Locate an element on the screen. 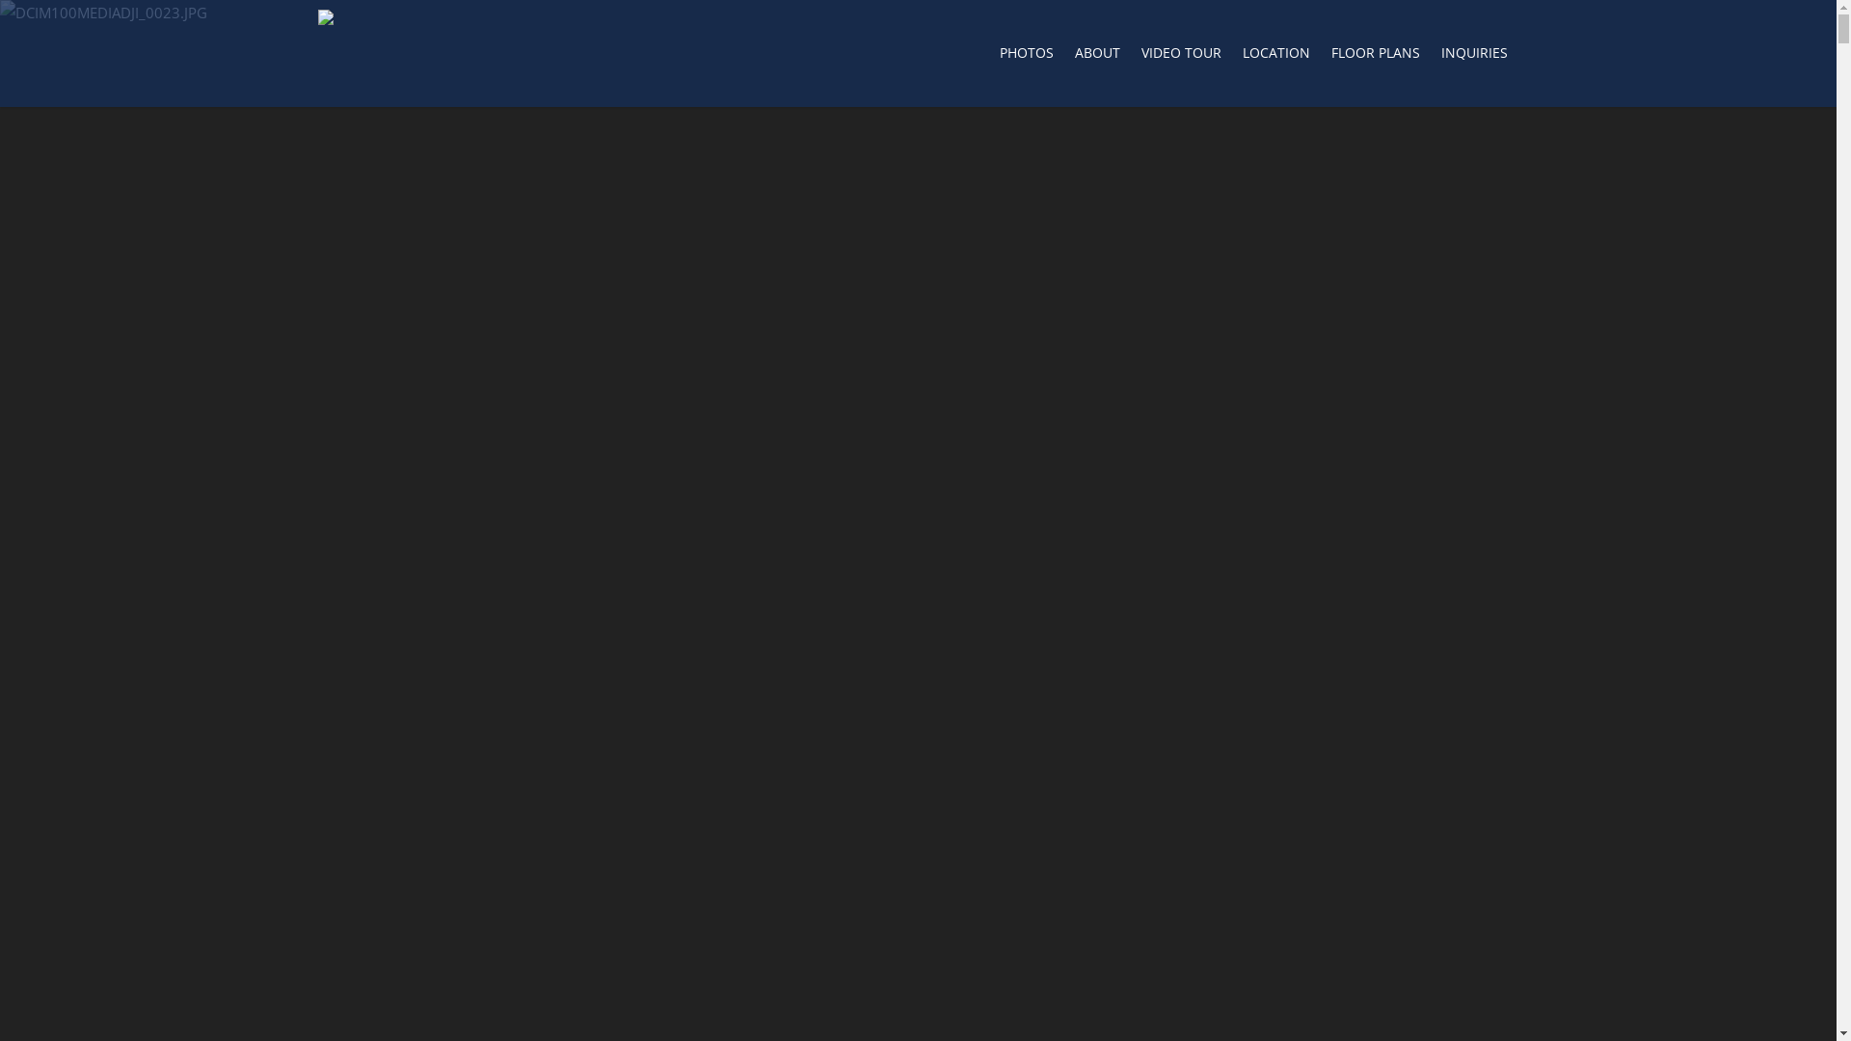 Image resolution: width=1851 pixels, height=1041 pixels. 'VIDEO TOUR' is located at coordinates (1132, 57).